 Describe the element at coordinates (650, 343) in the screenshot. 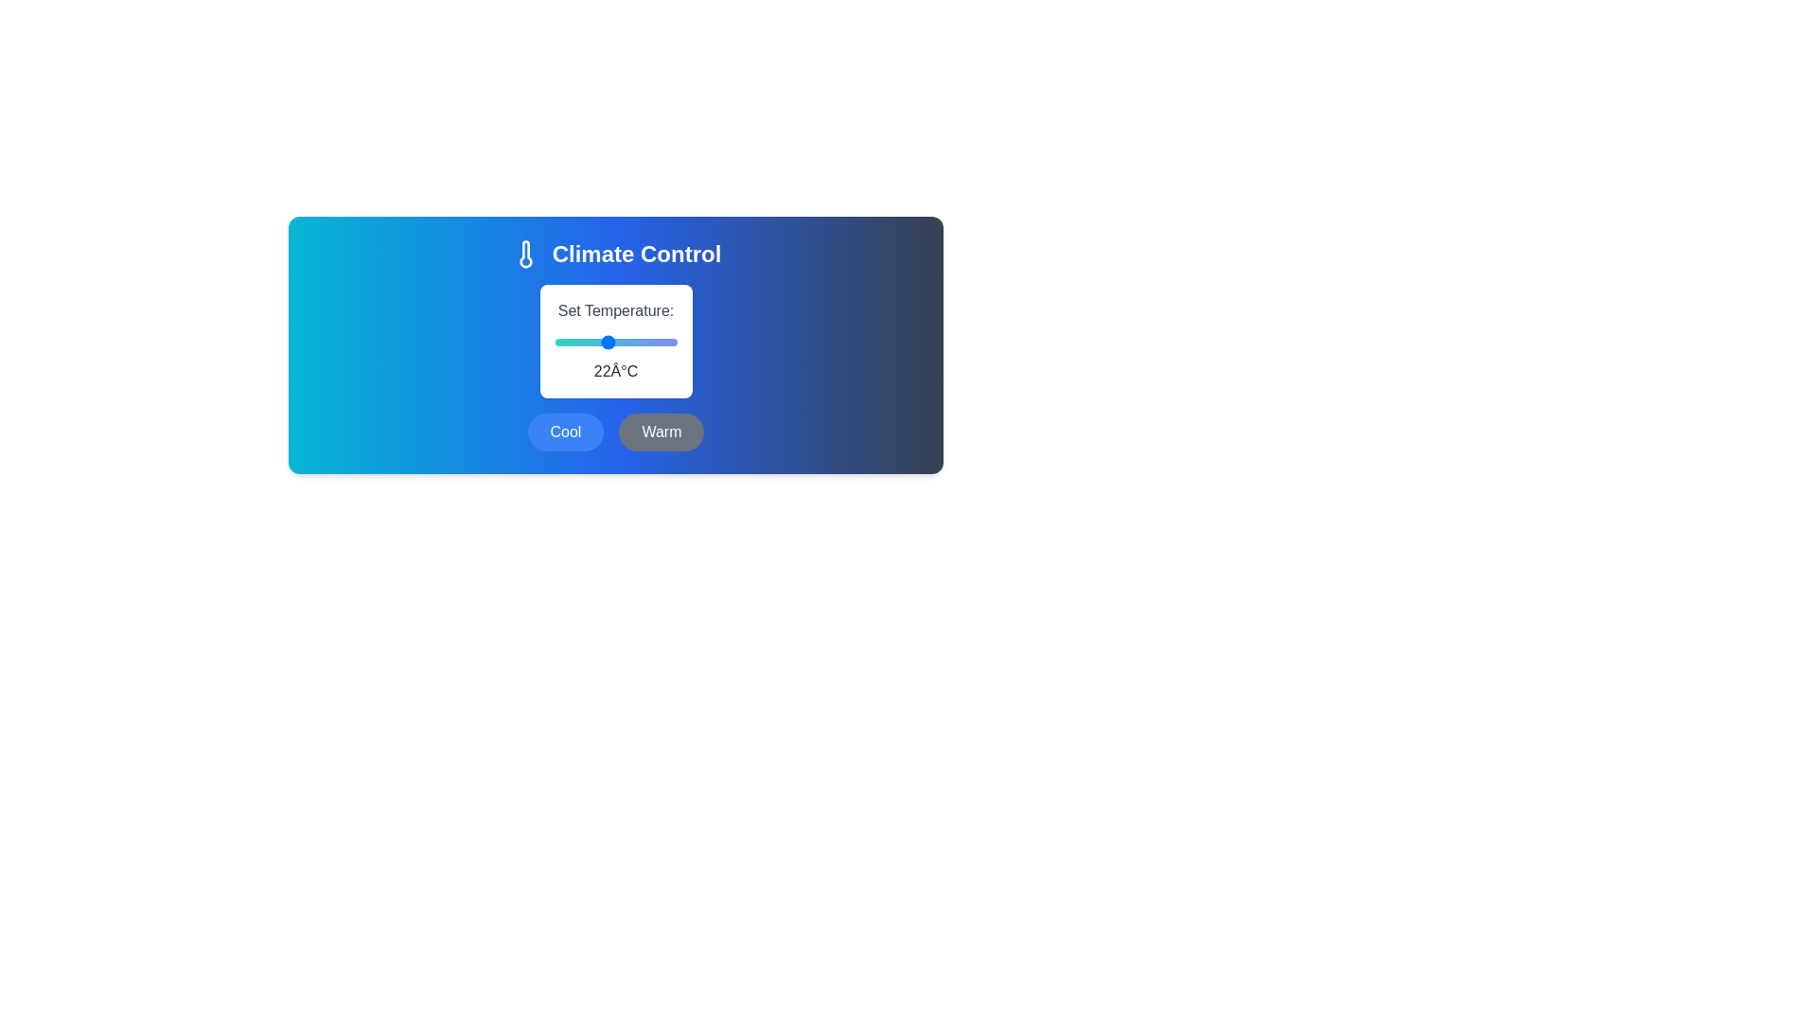

I see `the temperature` at that location.